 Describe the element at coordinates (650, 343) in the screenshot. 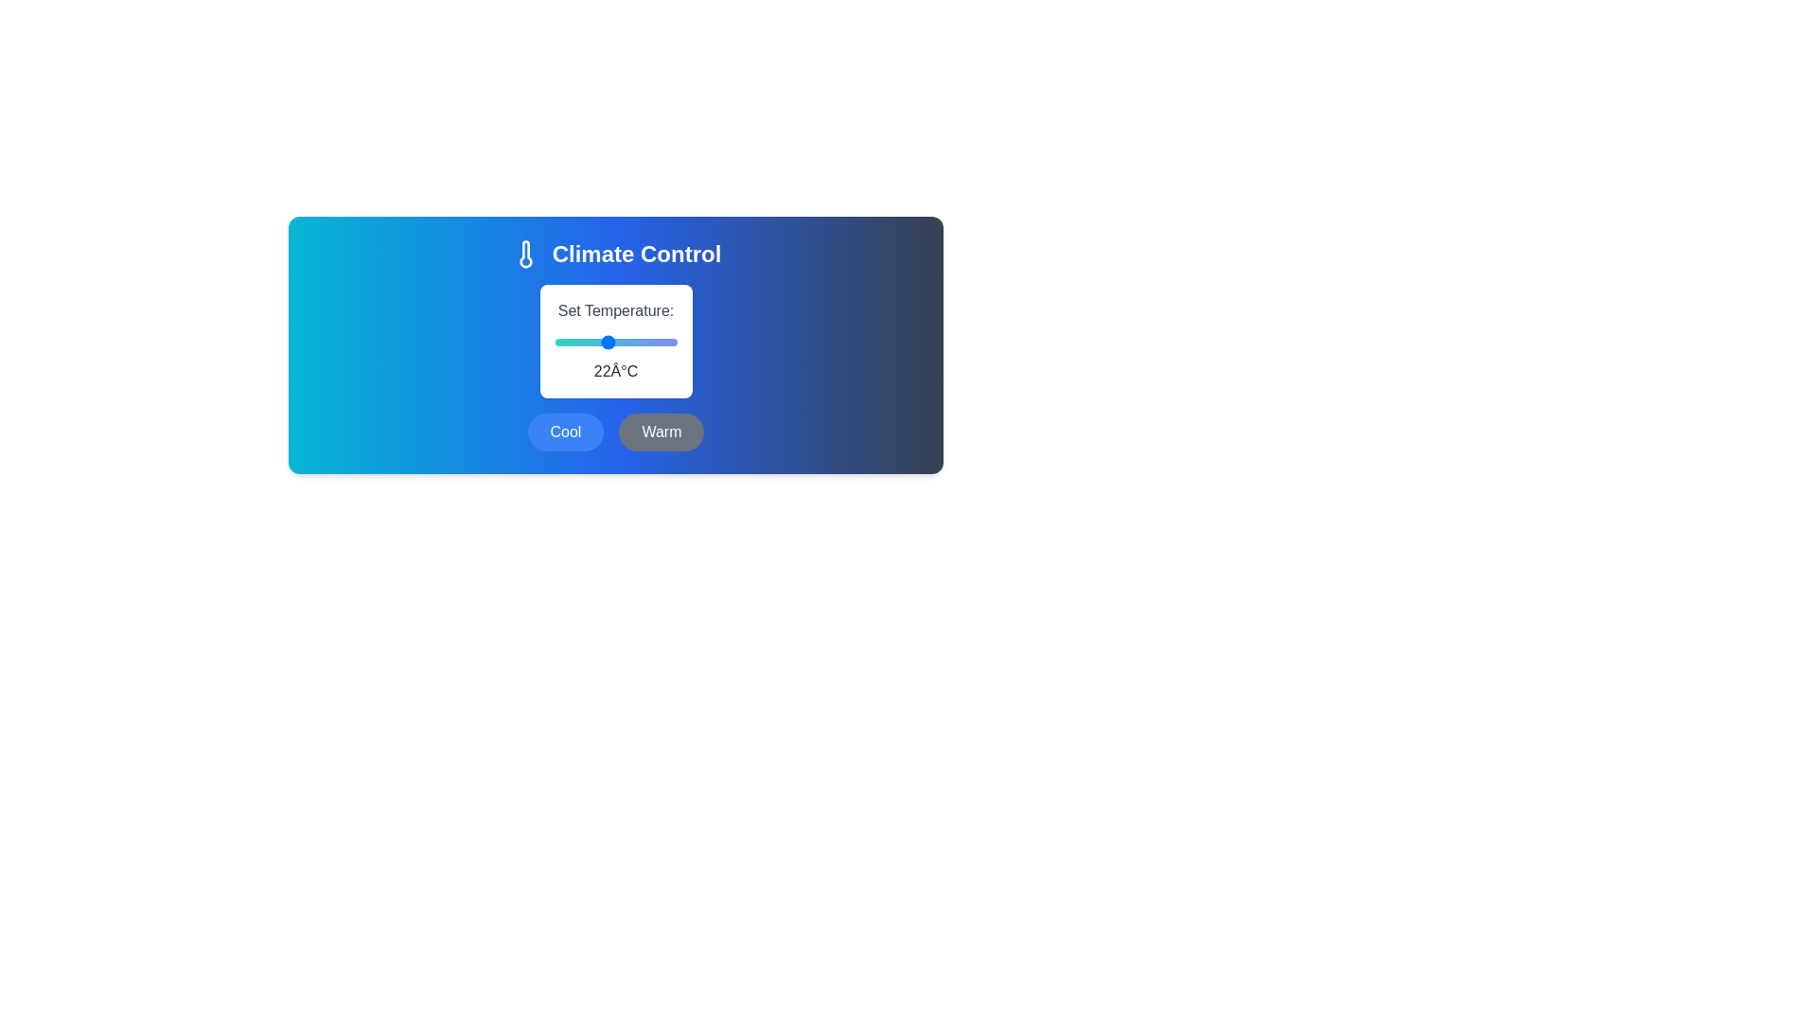

I see `the temperature` at that location.